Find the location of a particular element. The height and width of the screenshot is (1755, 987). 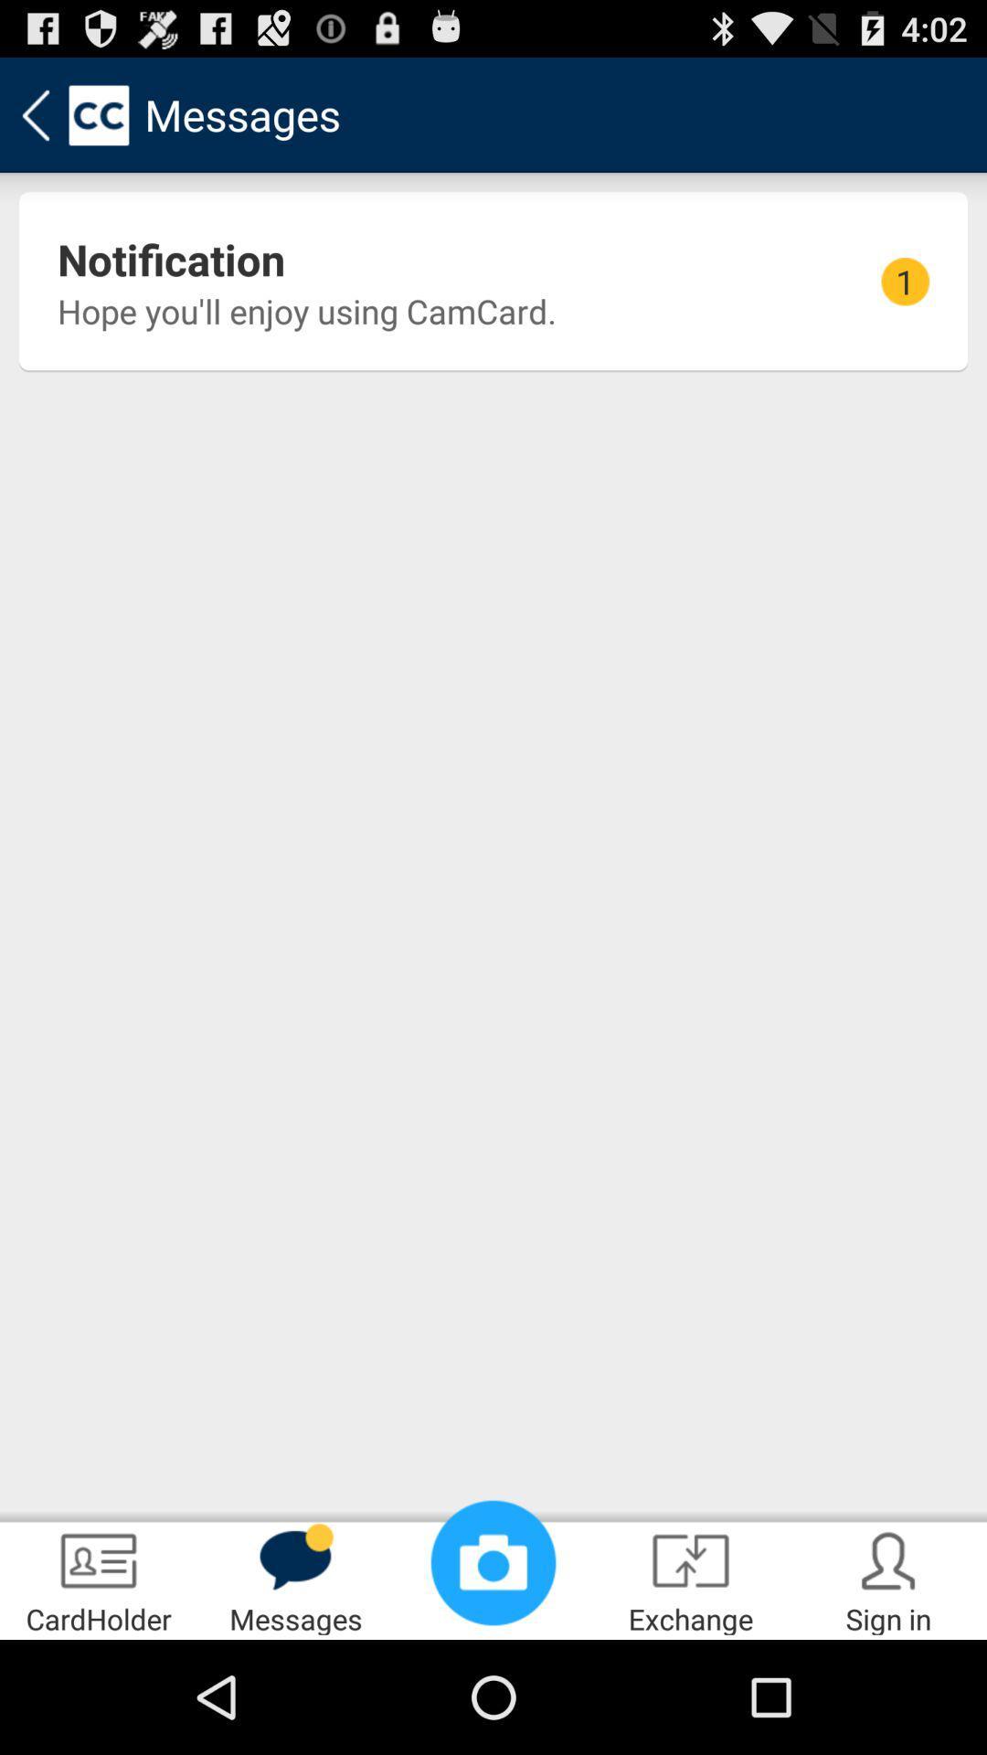

app below hope you ll icon is located at coordinates (493, 1561).